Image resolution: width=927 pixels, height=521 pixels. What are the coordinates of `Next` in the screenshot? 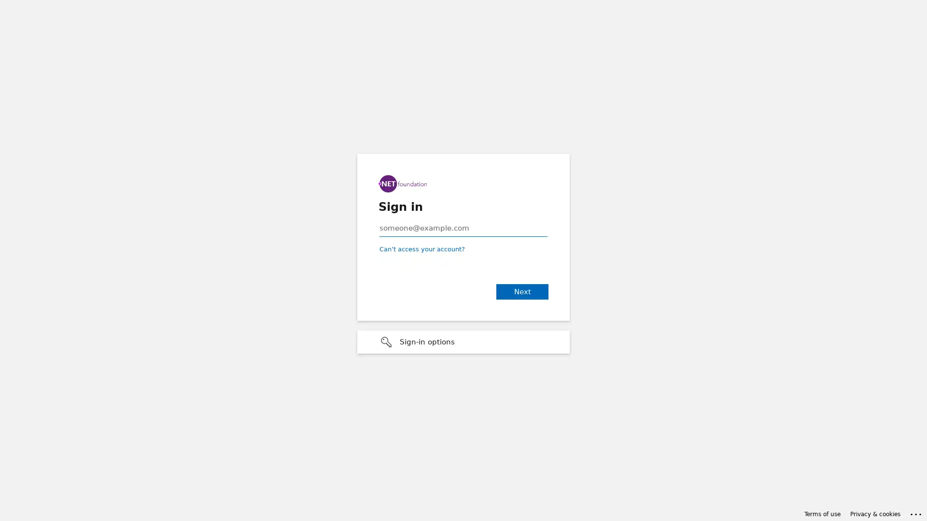 It's located at (521, 291).